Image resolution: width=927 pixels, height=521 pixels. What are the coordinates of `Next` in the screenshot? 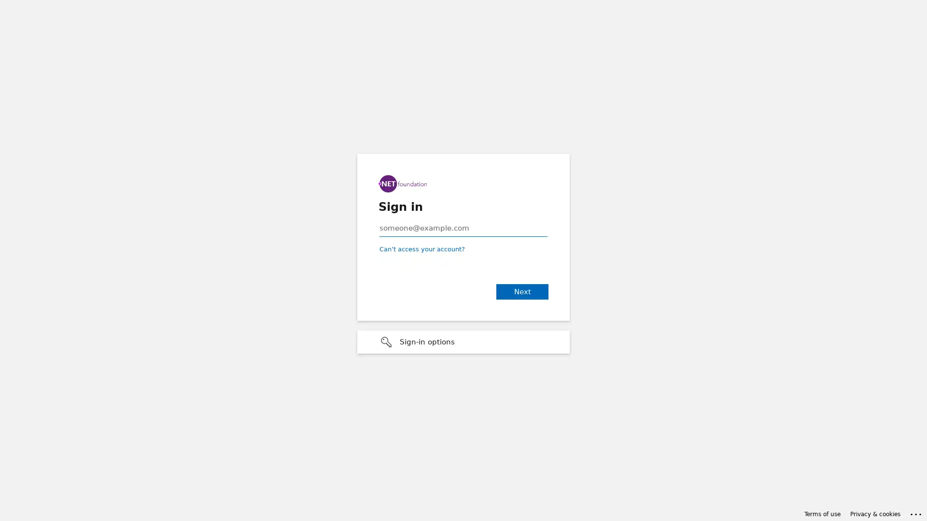 It's located at (521, 291).